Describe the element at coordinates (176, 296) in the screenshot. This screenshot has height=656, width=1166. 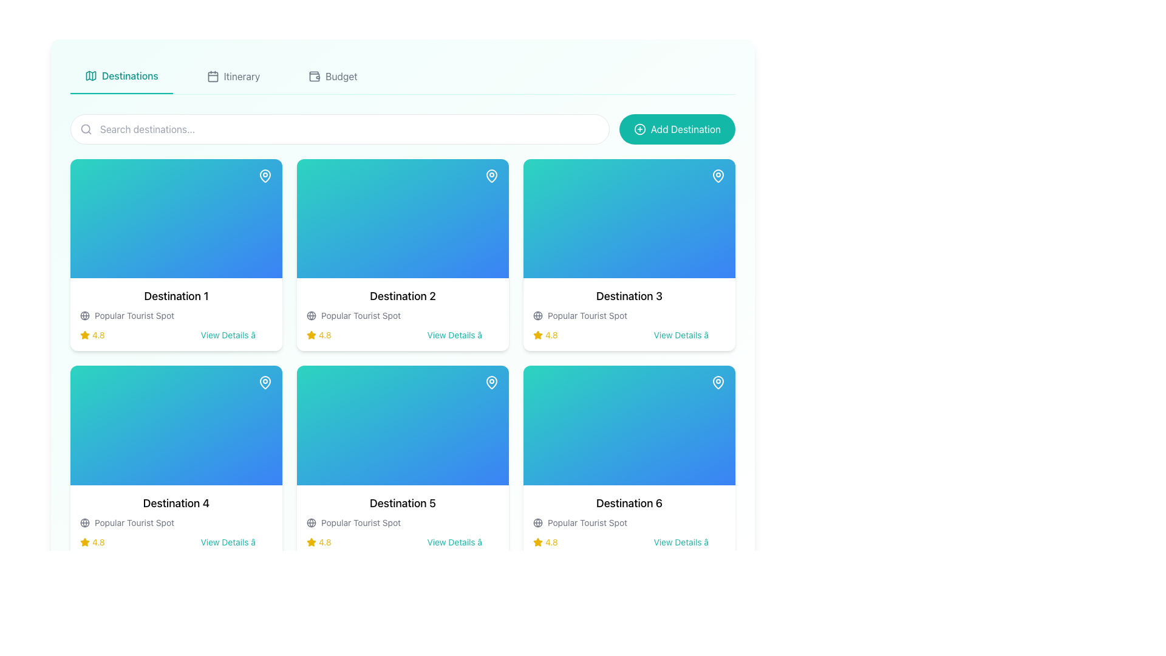
I see `the text label serving as a title for the destination card, located in the top row, first column of a 3x2 grid layout` at that location.